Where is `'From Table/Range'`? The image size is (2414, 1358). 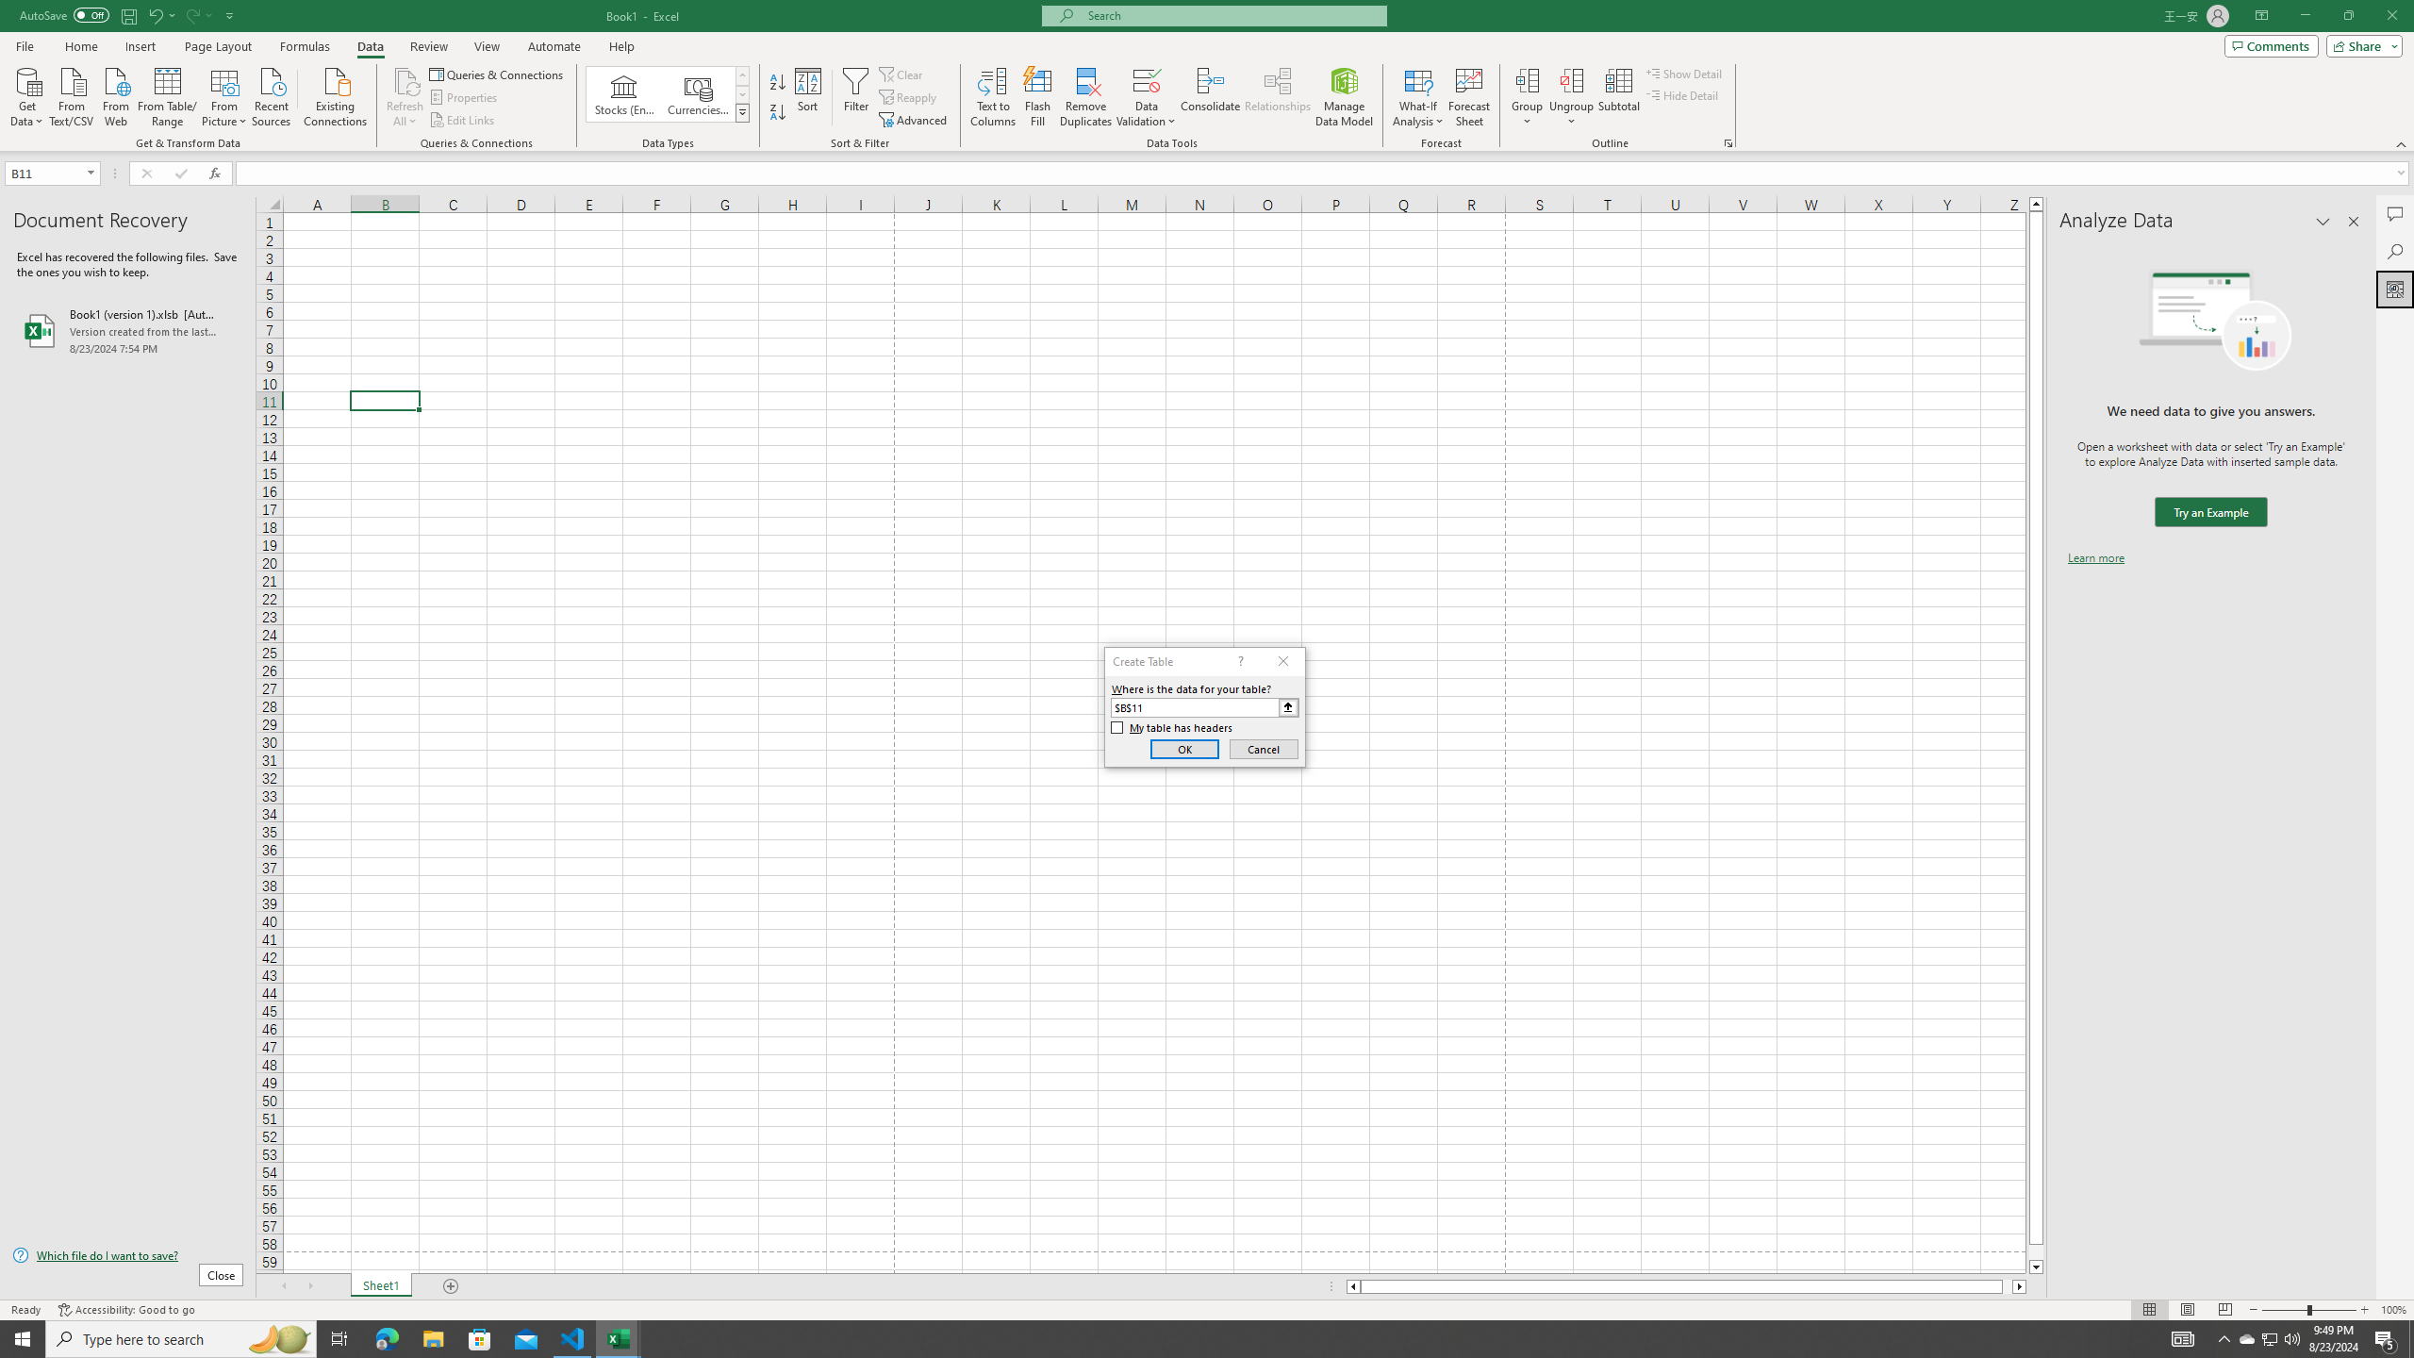 'From Table/Range' is located at coordinates (166, 94).